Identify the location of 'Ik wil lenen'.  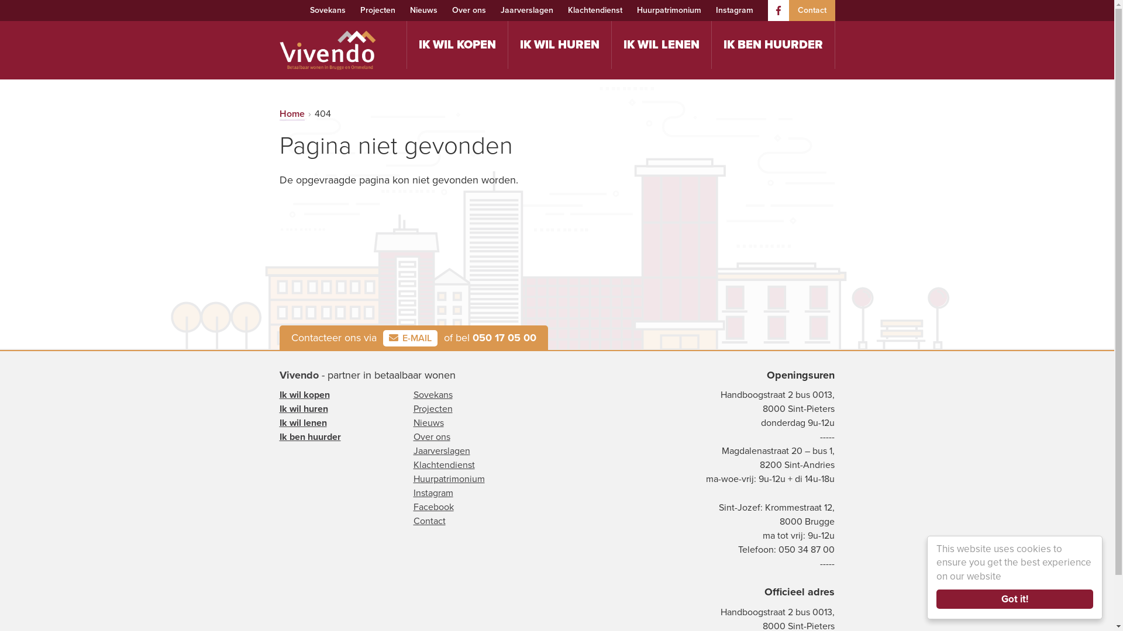
(303, 423).